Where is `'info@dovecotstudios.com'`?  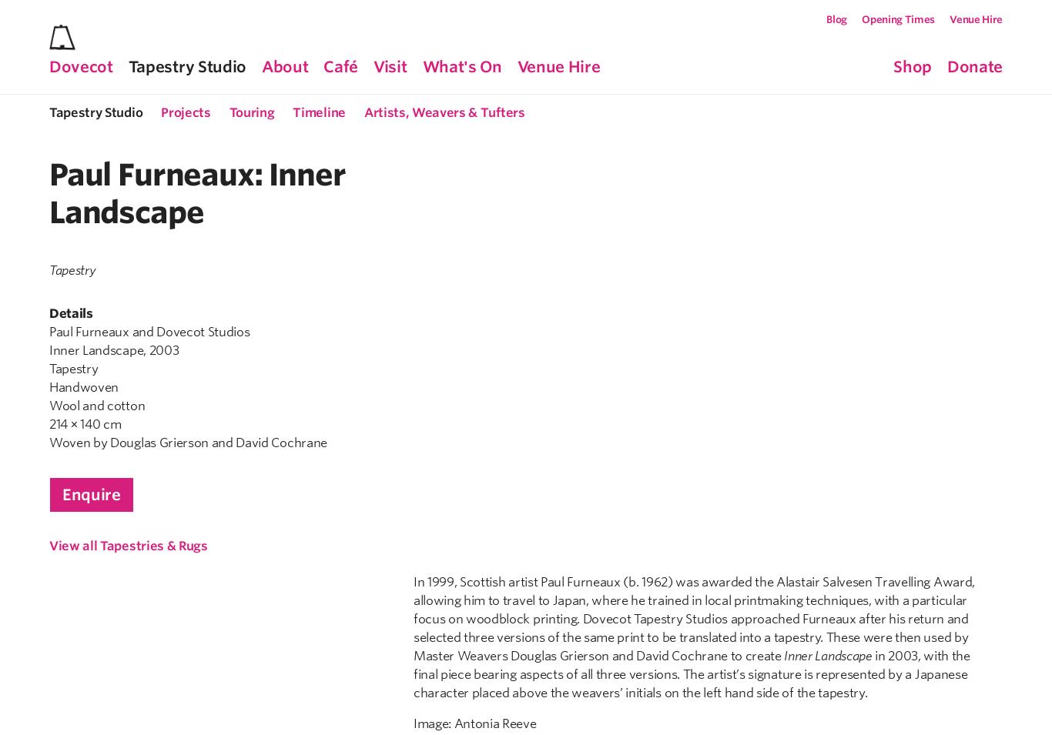 'info@dovecotstudios.com' is located at coordinates (830, 645).